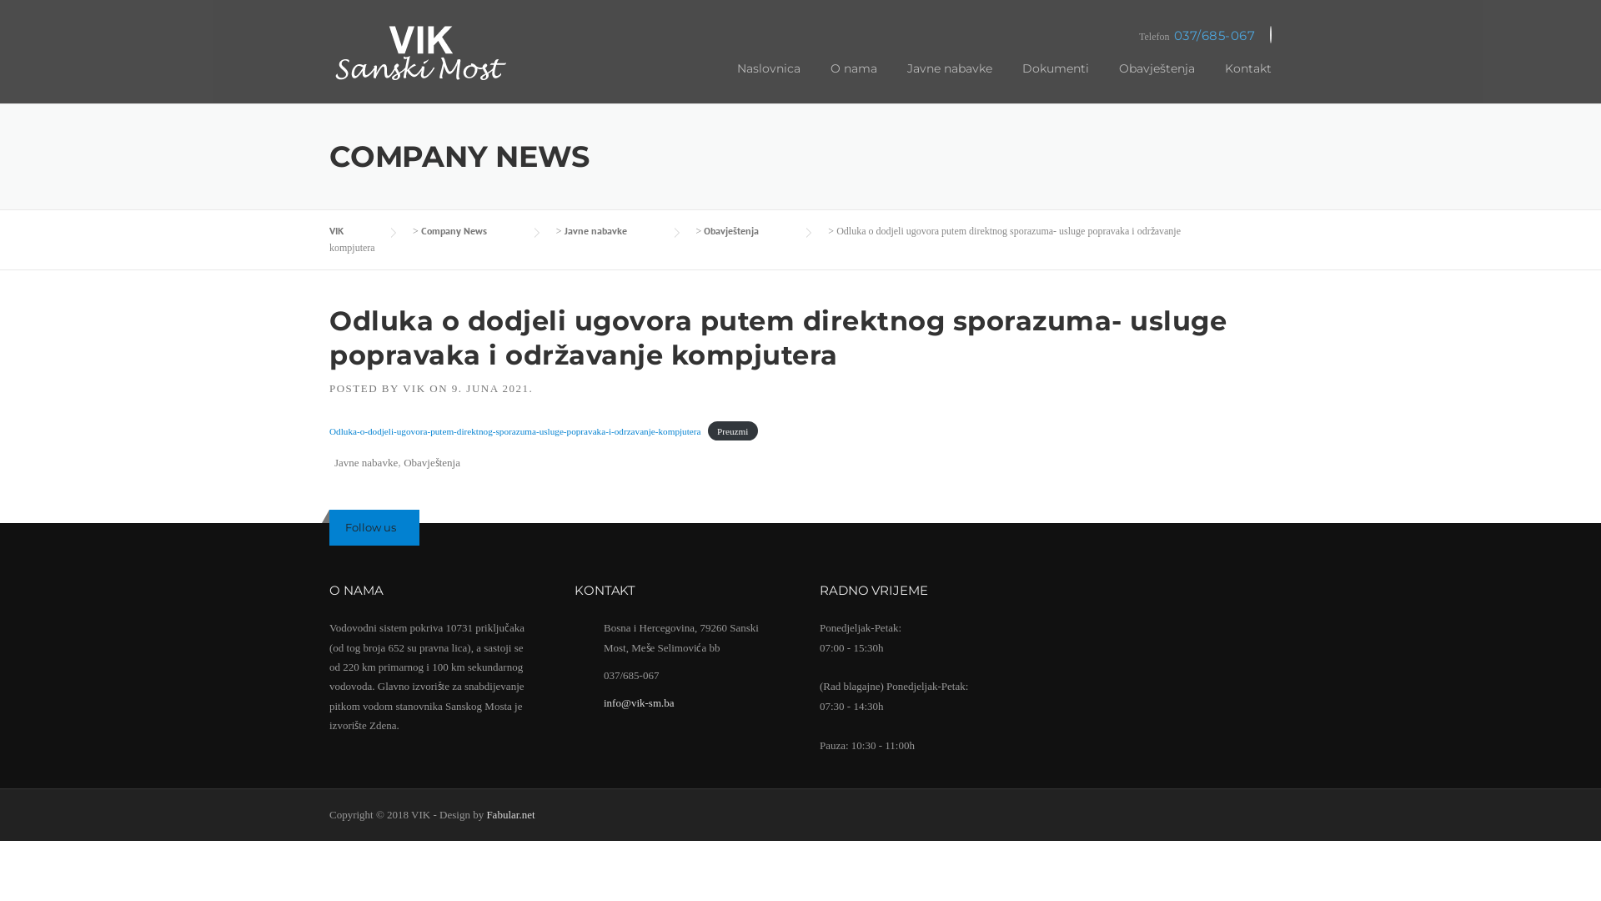  Describe the element at coordinates (491, 388) in the screenshot. I see `'9. JUNA 2021.'` at that location.